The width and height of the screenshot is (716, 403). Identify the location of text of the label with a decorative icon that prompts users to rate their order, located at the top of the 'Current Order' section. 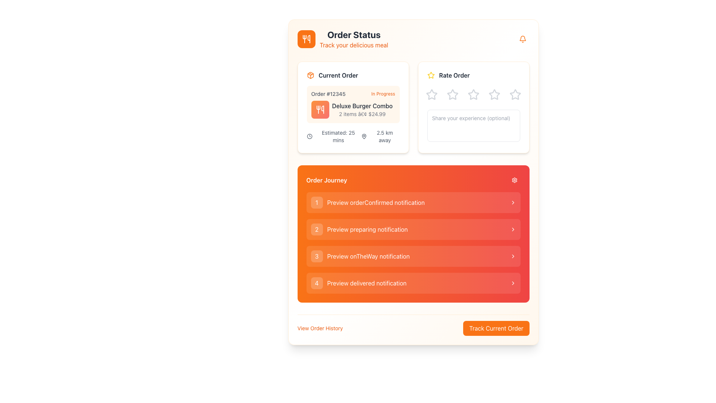
(448, 75).